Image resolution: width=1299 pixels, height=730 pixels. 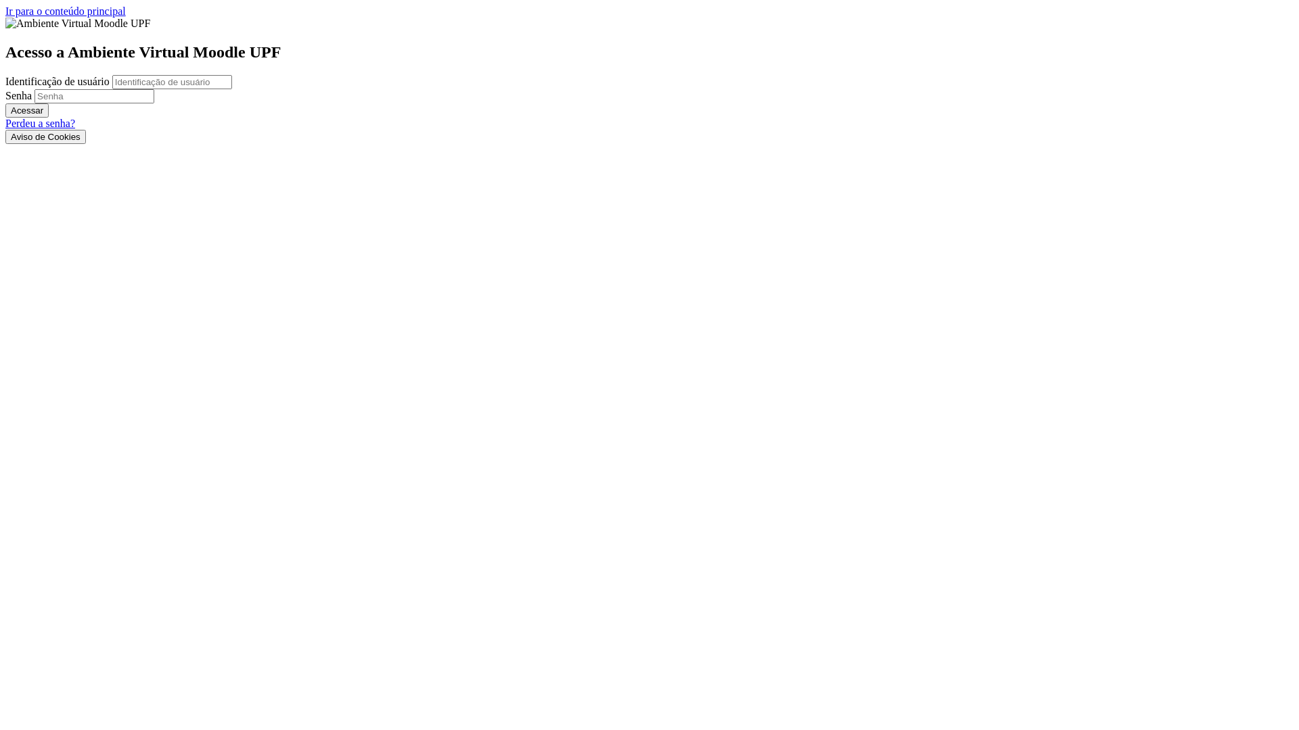 What do you see at coordinates (26, 109) in the screenshot?
I see `'Acessar'` at bounding box center [26, 109].